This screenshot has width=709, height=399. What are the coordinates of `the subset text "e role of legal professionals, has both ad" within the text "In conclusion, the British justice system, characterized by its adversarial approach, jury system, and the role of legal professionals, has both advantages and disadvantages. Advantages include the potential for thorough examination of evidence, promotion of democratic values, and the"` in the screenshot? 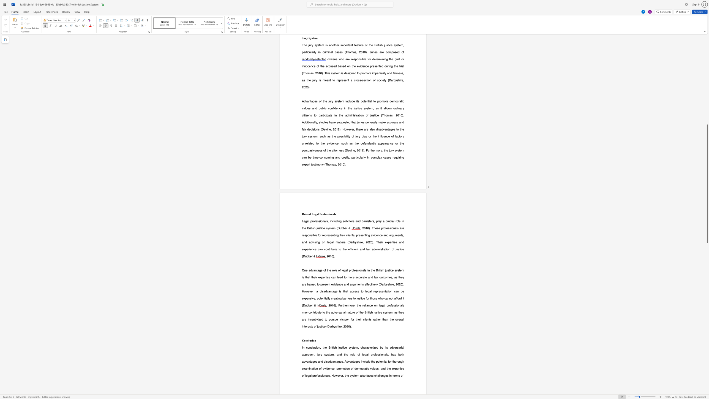 It's located at (346, 354).